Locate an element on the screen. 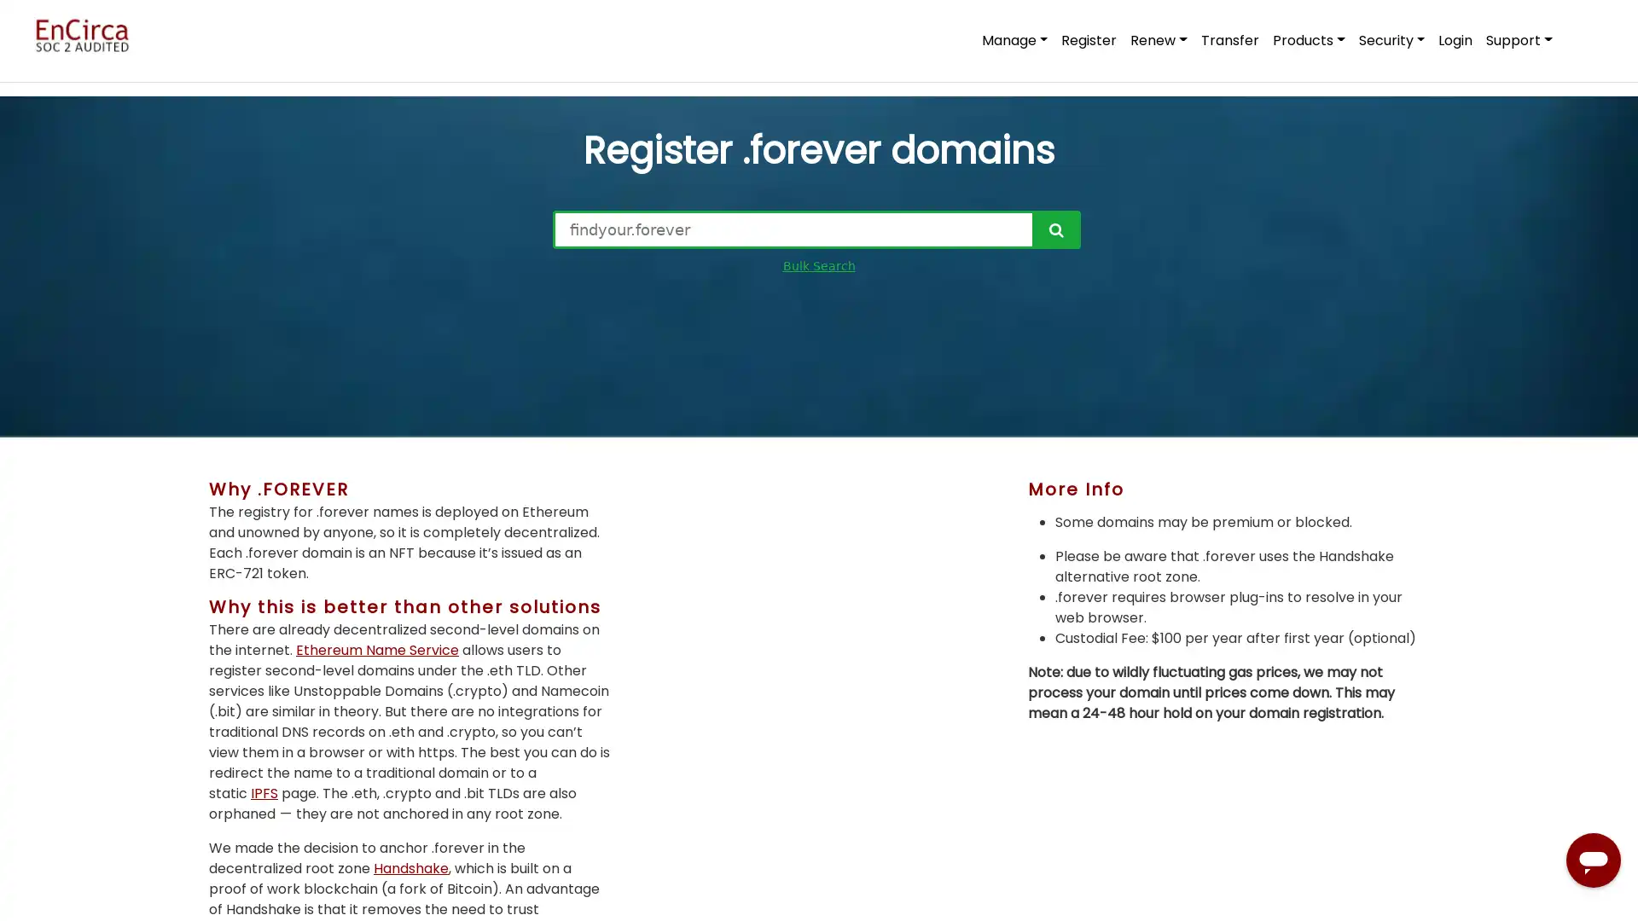 The width and height of the screenshot is (1638, 921). Renew is located at coordinates (1159, 39).